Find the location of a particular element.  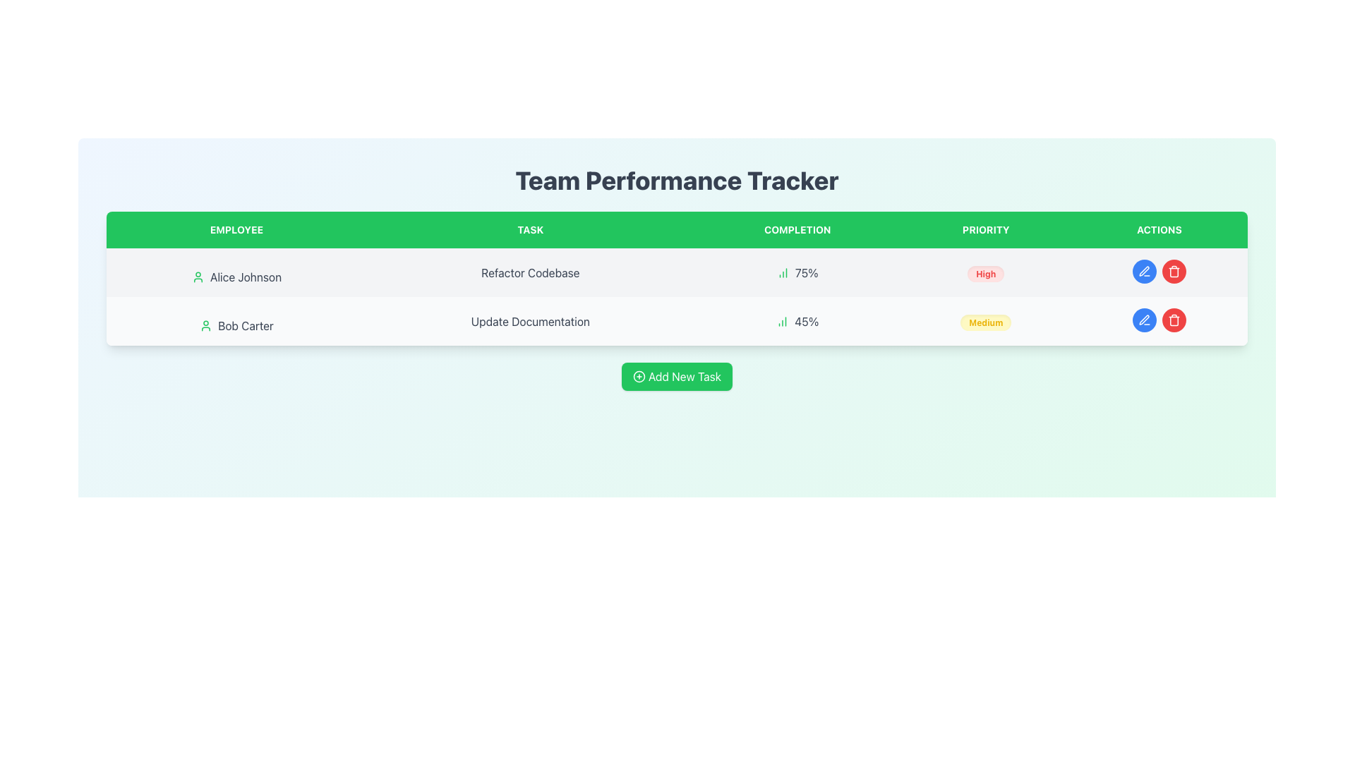

the progress icon in the 'Completion' column for the task 'Refactor Codebase', which is located to the left of the '75%' text is located at coordinates (782, 272).